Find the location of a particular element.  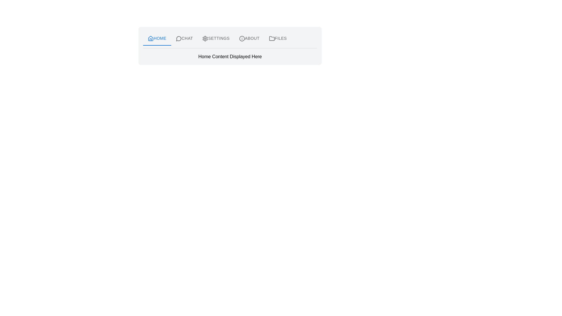

the navigational tab button located at the top center of the interface, specifically the fifth tab used for managing files is located at coordinates (277, 38).